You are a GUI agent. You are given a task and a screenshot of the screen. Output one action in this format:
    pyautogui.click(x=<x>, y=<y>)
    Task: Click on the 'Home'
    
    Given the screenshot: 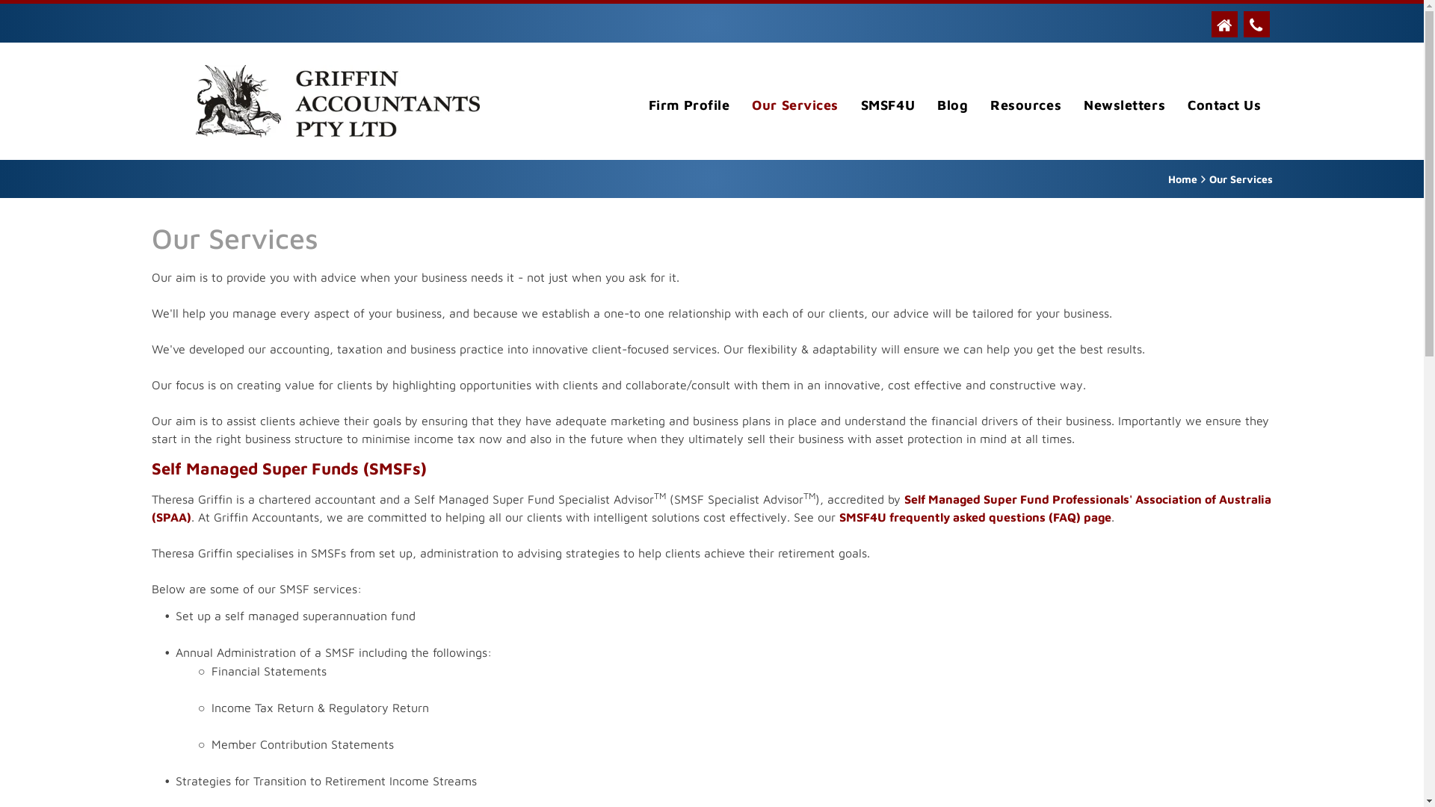 What is the action you would take?
    pyautogui.click(x=1181, y=178)
    